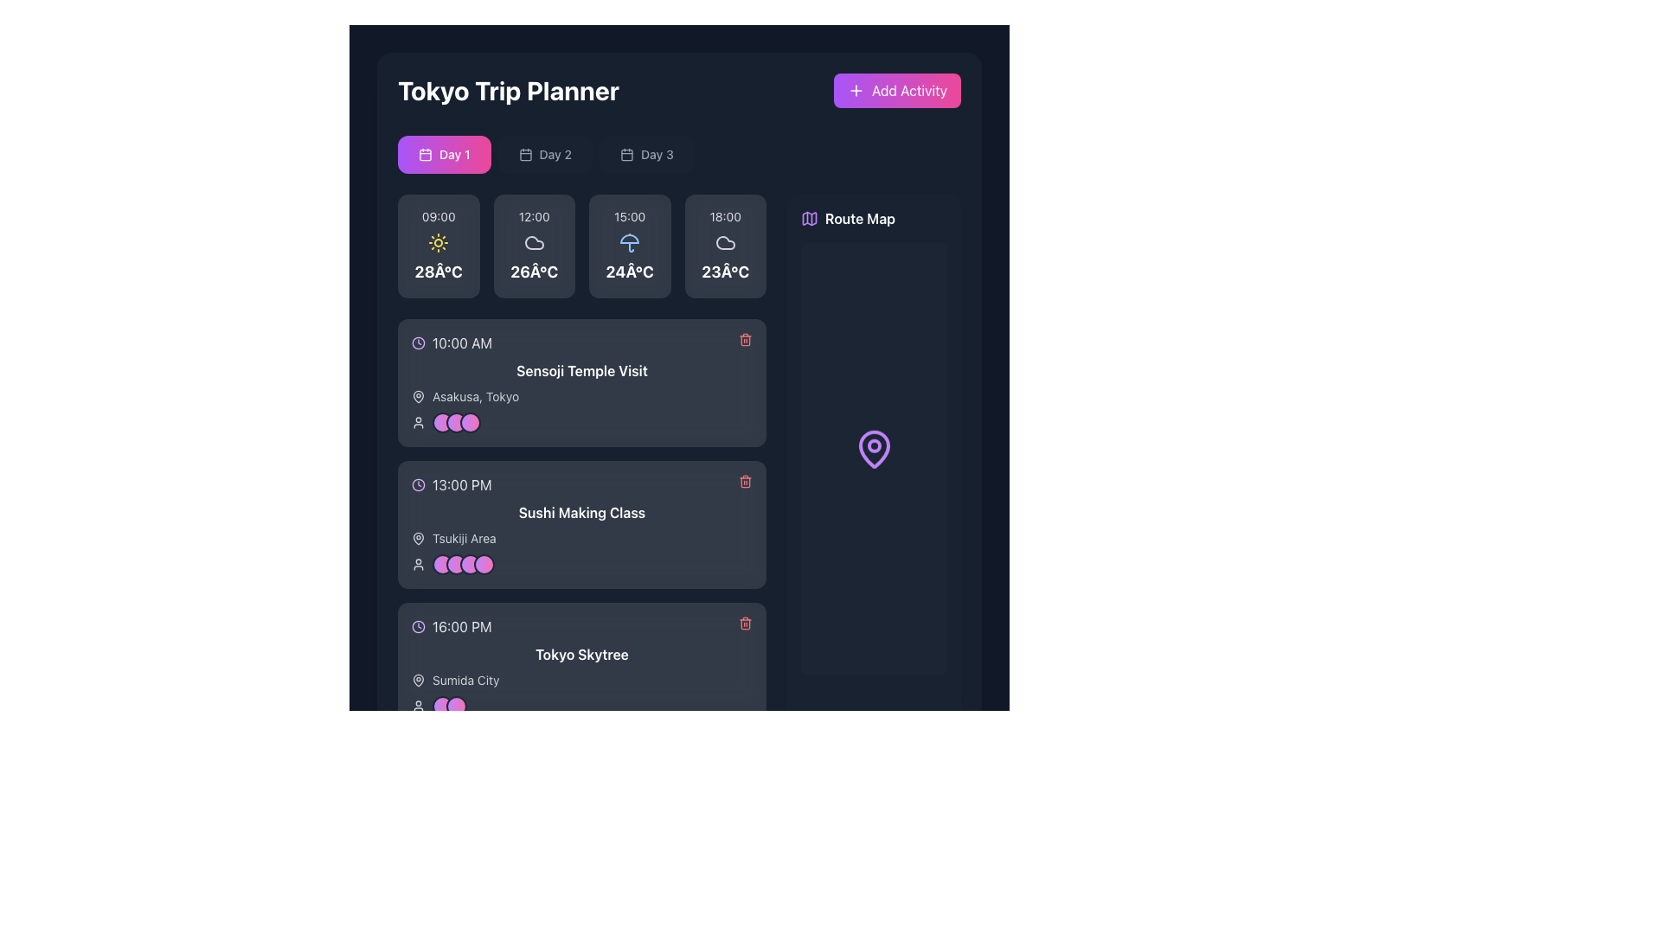  Describe the element at coordinates (444, 153) in the screenshot. I see `the 'Day 1' button` at that location.